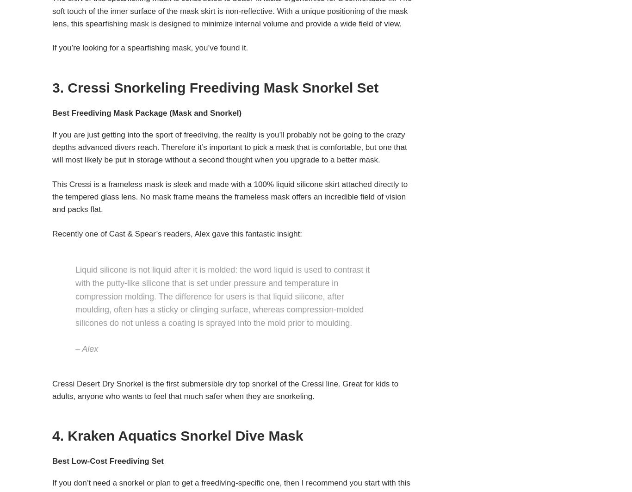 This screenshot has height=492, width=632. Describe the element at coordinates (86, 348) in the screenshot. I see `'– Alex'` at that location.